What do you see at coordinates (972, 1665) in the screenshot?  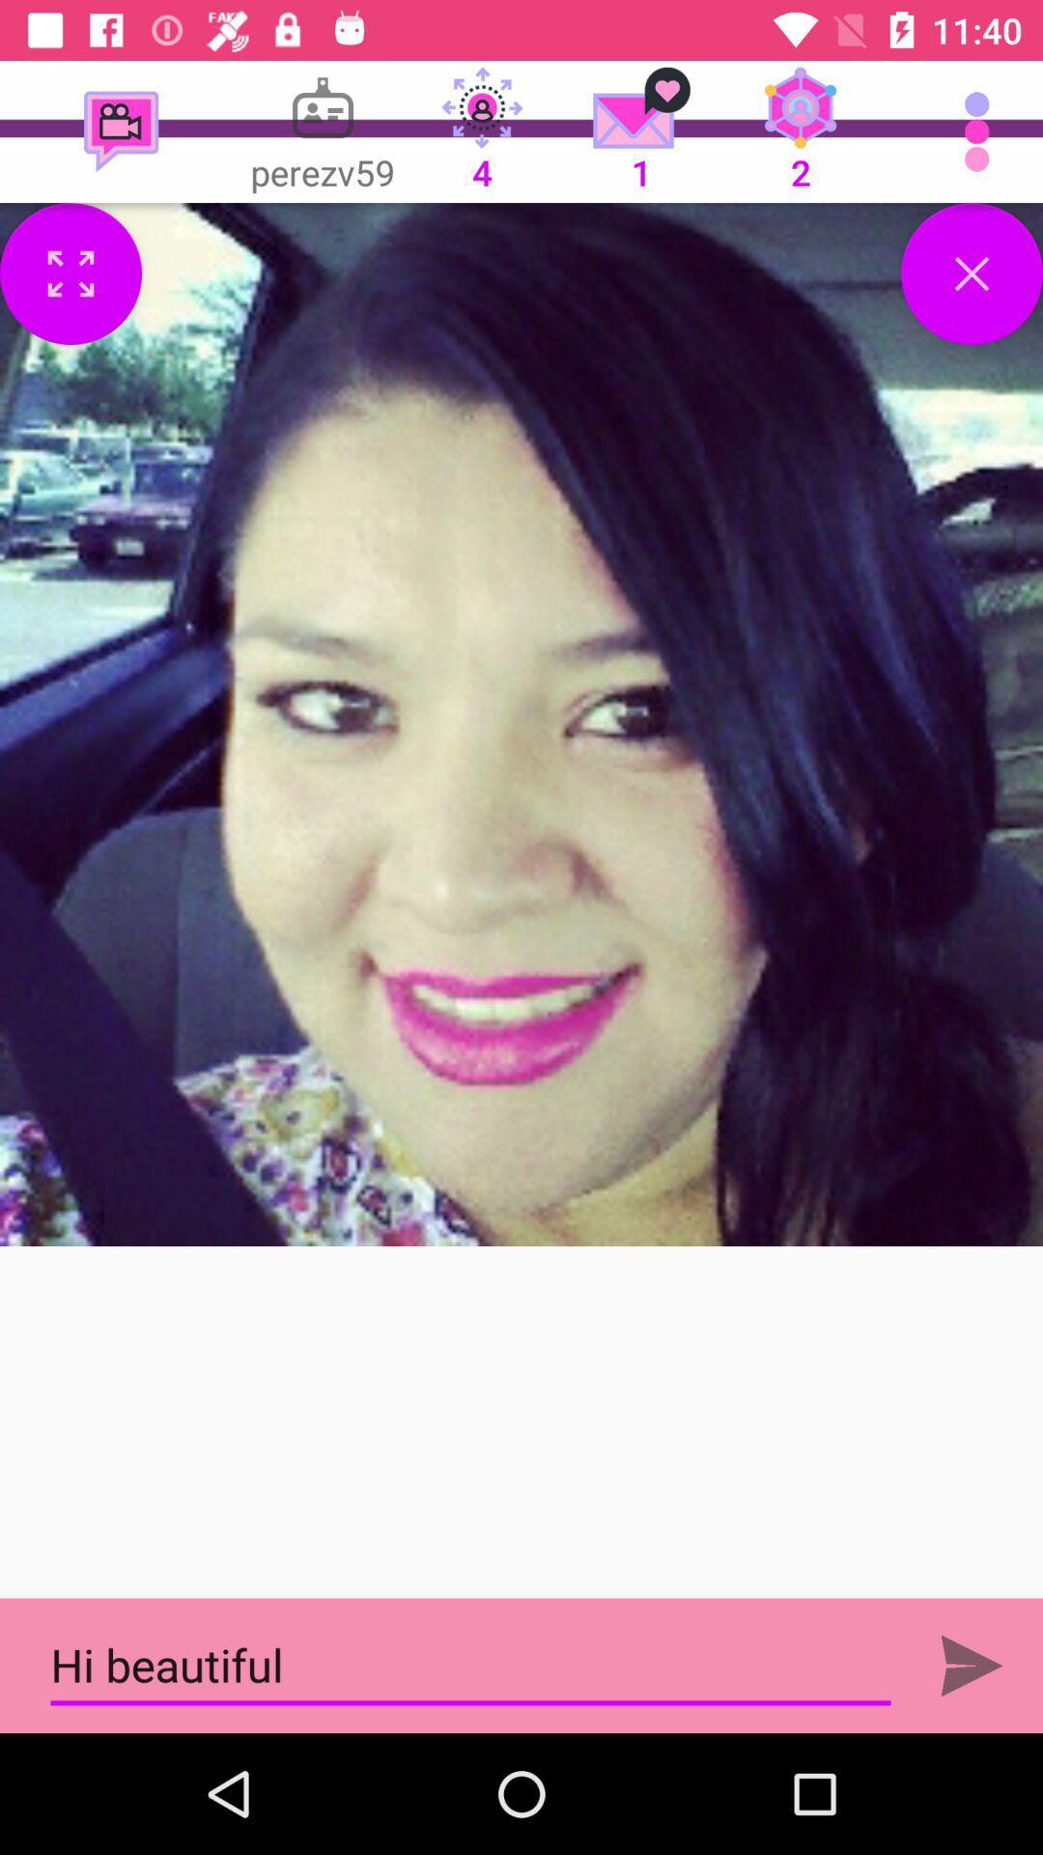 I see `sends message` at bounding box center [972, 1665].